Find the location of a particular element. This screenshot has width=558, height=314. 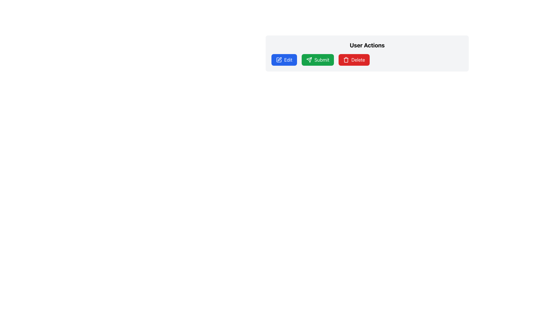

the 'Edit' text label, which is styled as white text on a blue background, located centrally within a button on the leftmost side of a row of three buttons below the label 'User Actions.' is located at coordinates (288, 60).